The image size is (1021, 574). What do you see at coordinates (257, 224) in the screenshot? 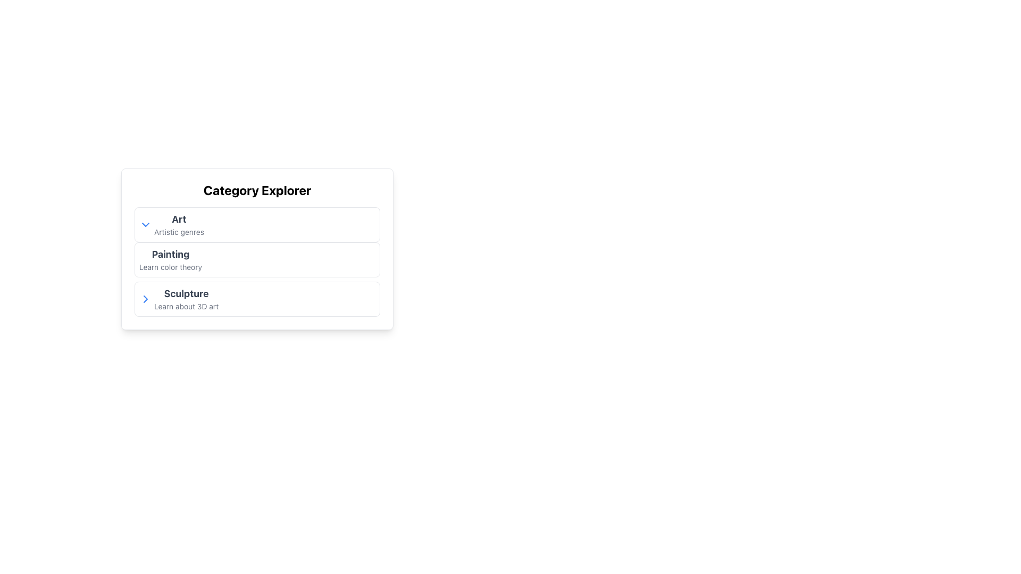
I see `the first interactive menu item representing the 'Art' category` at bounding box center [257, 224].